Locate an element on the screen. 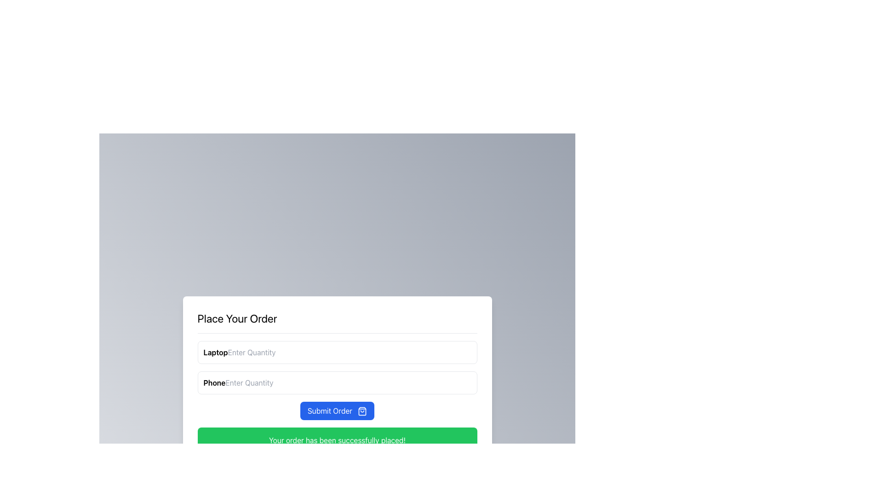 The width and height of the screenshot is (883, 497). the submit button located below the quantity input for the 'Phone' item in the form is located at coordinates (337, 410).